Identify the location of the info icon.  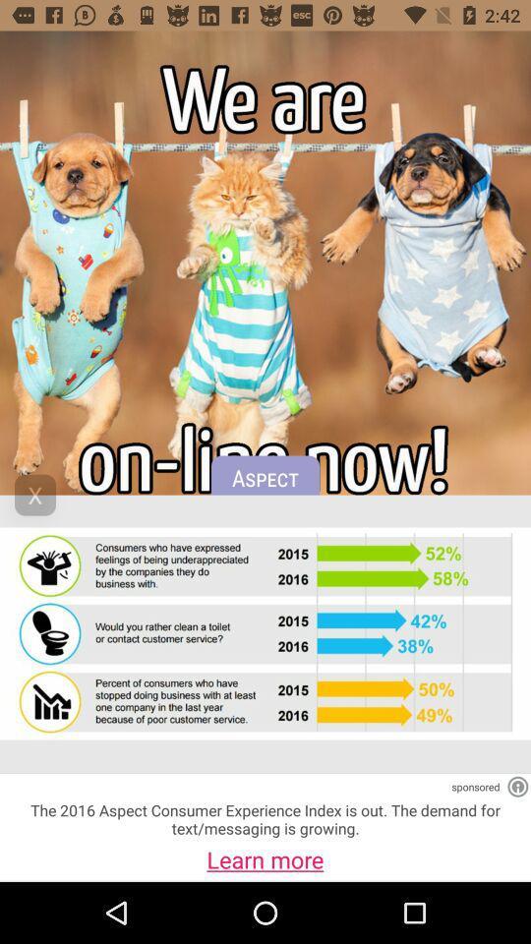
(517, 787).